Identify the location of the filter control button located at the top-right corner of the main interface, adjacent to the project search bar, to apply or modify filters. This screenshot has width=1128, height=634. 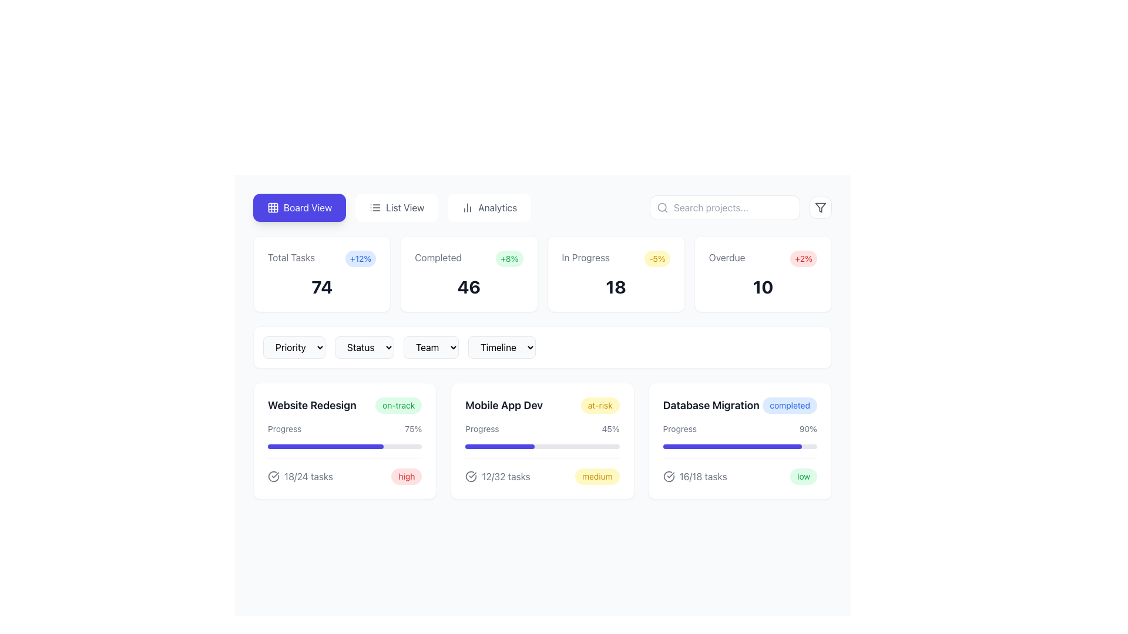
(820, 207).